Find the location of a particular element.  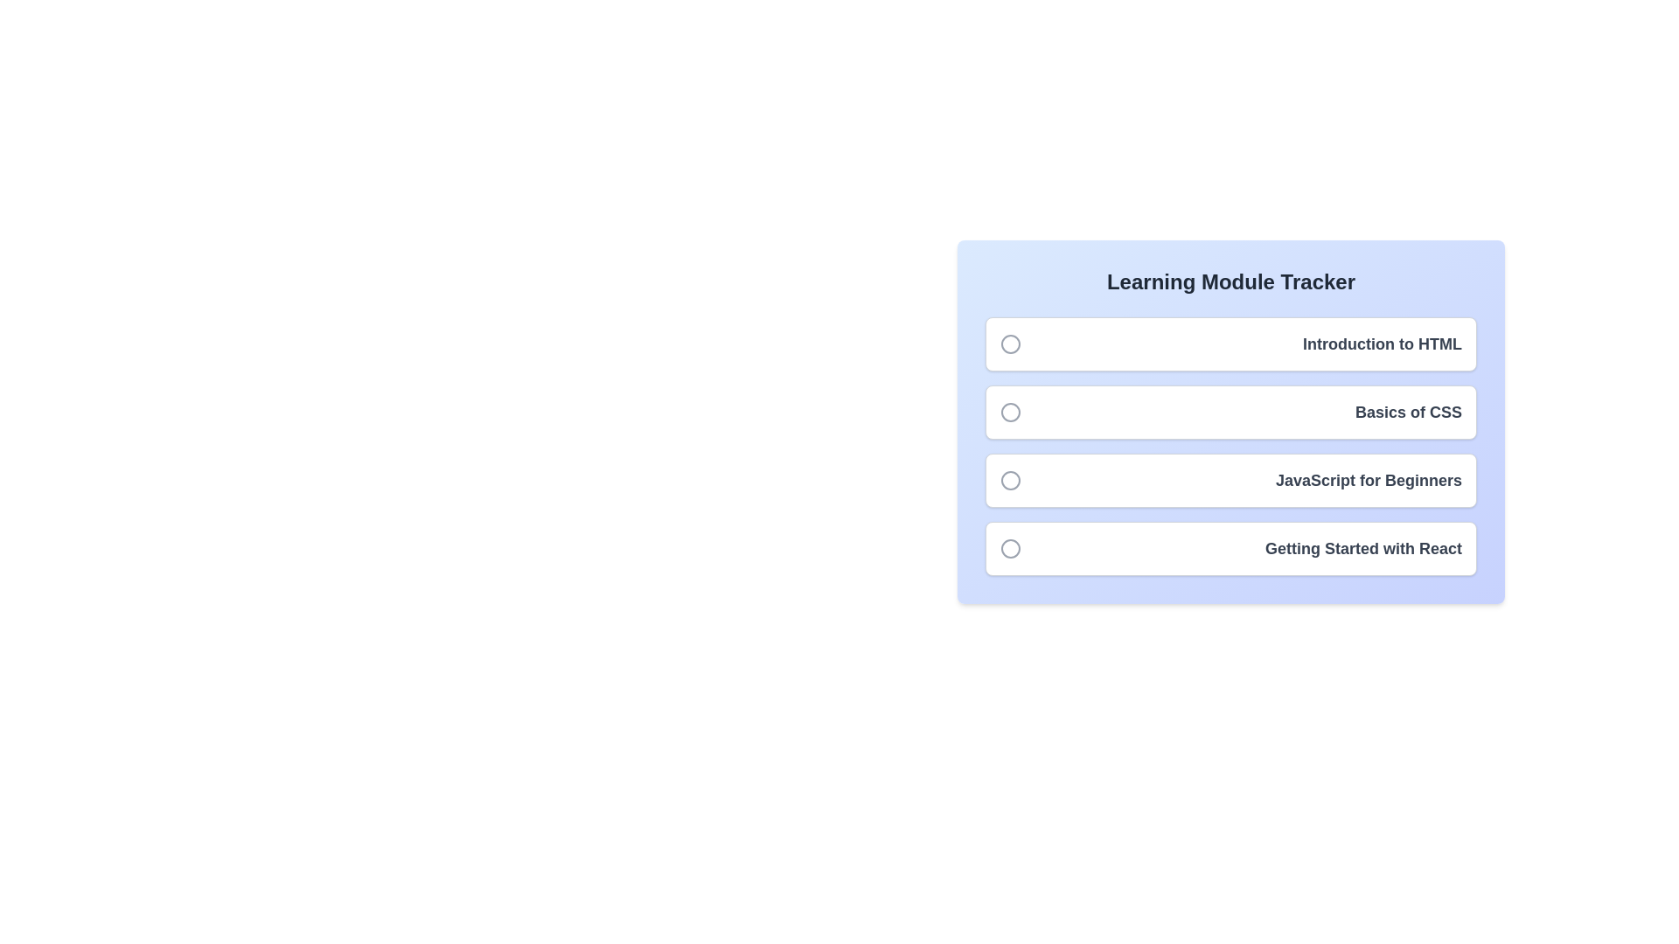

the circular radio button with a gray border located to the left of the text 'JavaScript for Beginners' in the third item of the Learning Module Tracker list is located at coordinates (1011, 481).